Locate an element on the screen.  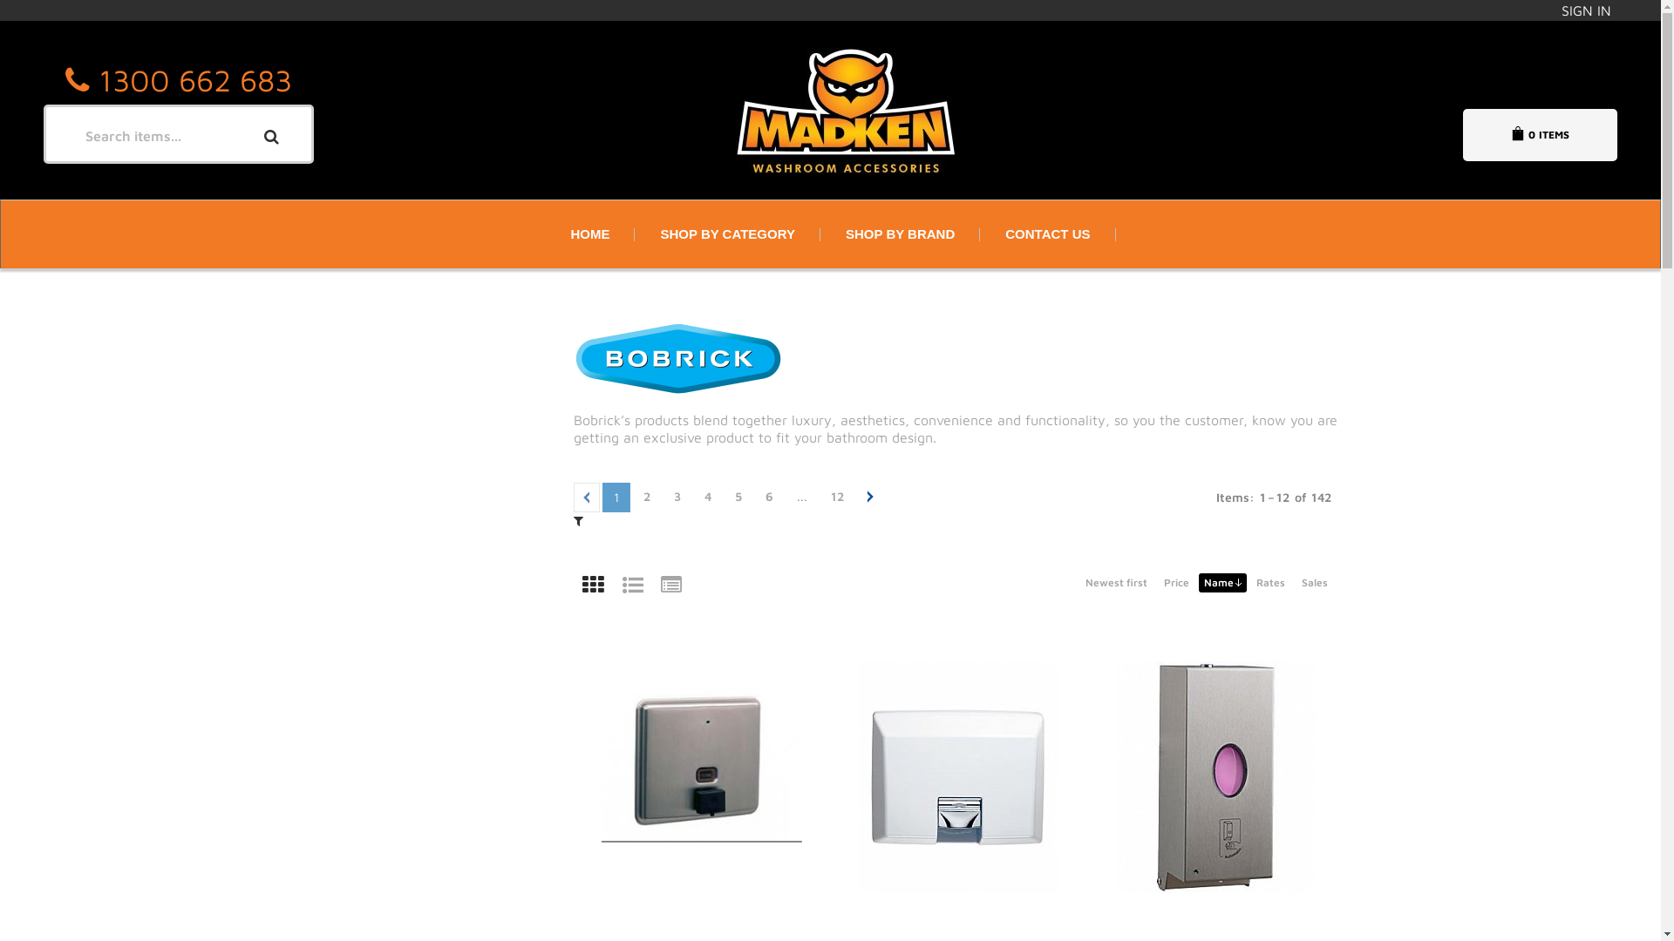
'SHOP BY CATEGORY' is located at coordinates (727, 234).